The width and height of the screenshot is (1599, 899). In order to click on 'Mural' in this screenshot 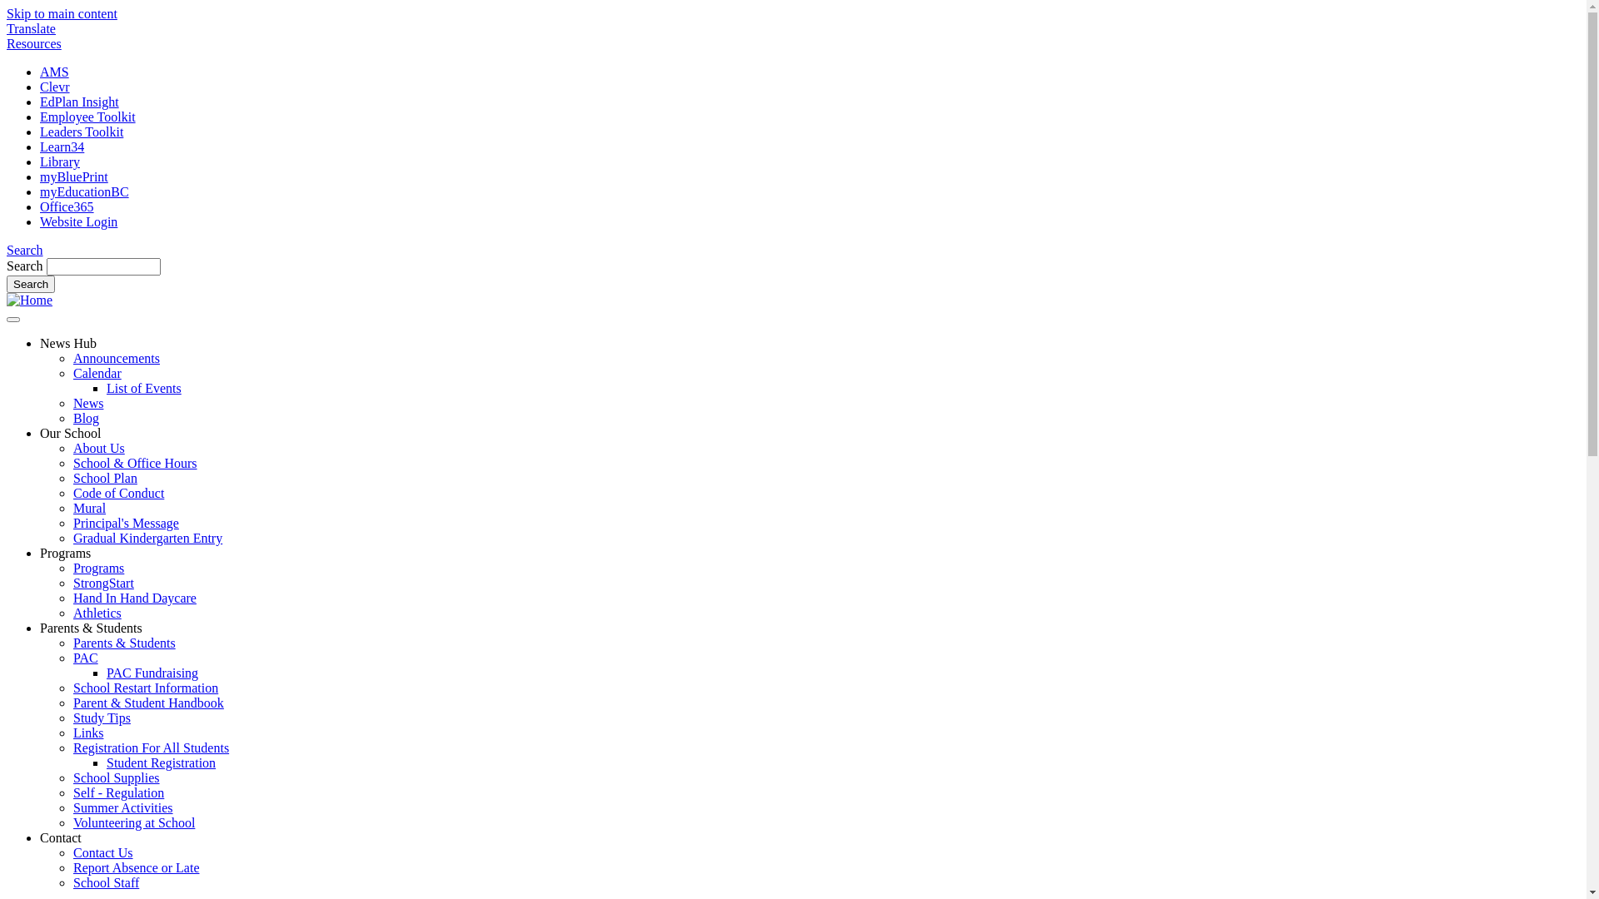, I will do `click(88, 507)`.